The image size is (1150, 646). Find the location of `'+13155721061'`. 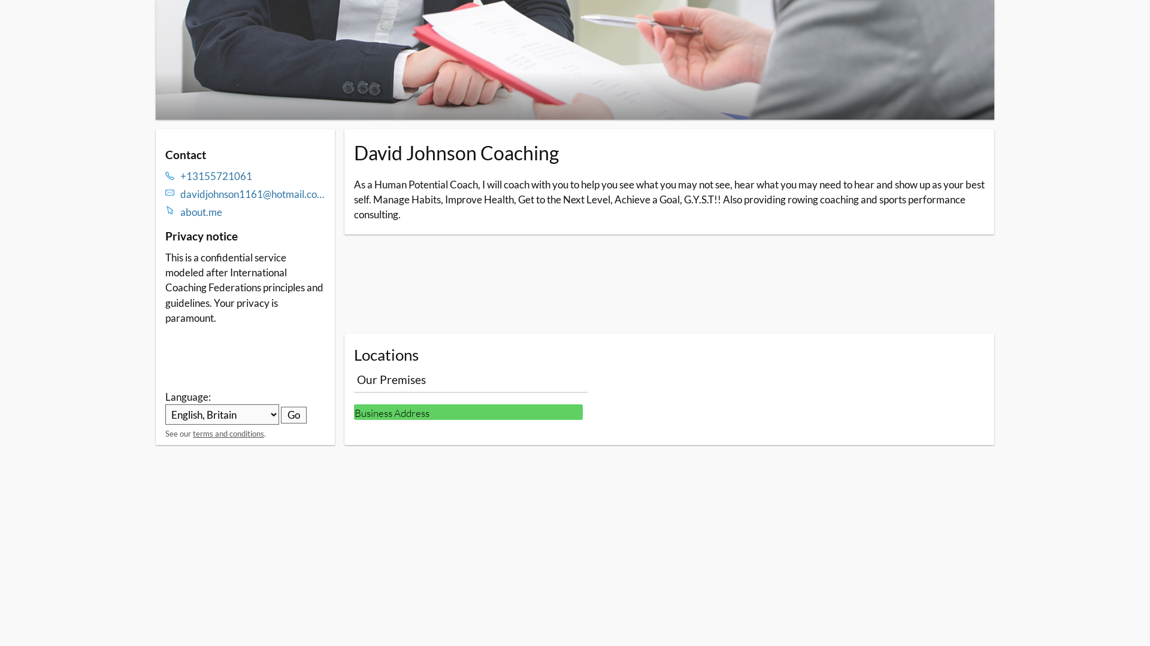

'+13155721061' is located at coordinates (252, 176).